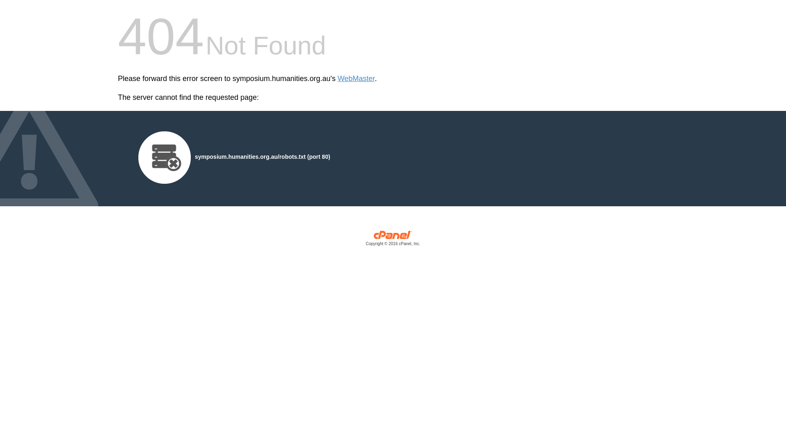  What do you see at coordinates (356, 79) in the screenshot?
I see `'WebMaster'` at bounding box center [356, 79].